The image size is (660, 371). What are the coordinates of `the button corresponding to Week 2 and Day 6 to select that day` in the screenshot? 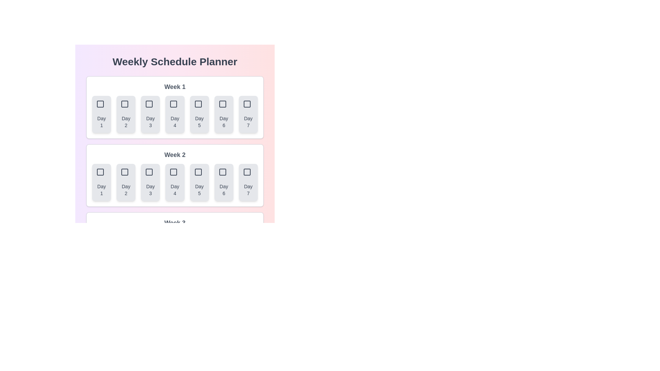 It's located at (224, 182).